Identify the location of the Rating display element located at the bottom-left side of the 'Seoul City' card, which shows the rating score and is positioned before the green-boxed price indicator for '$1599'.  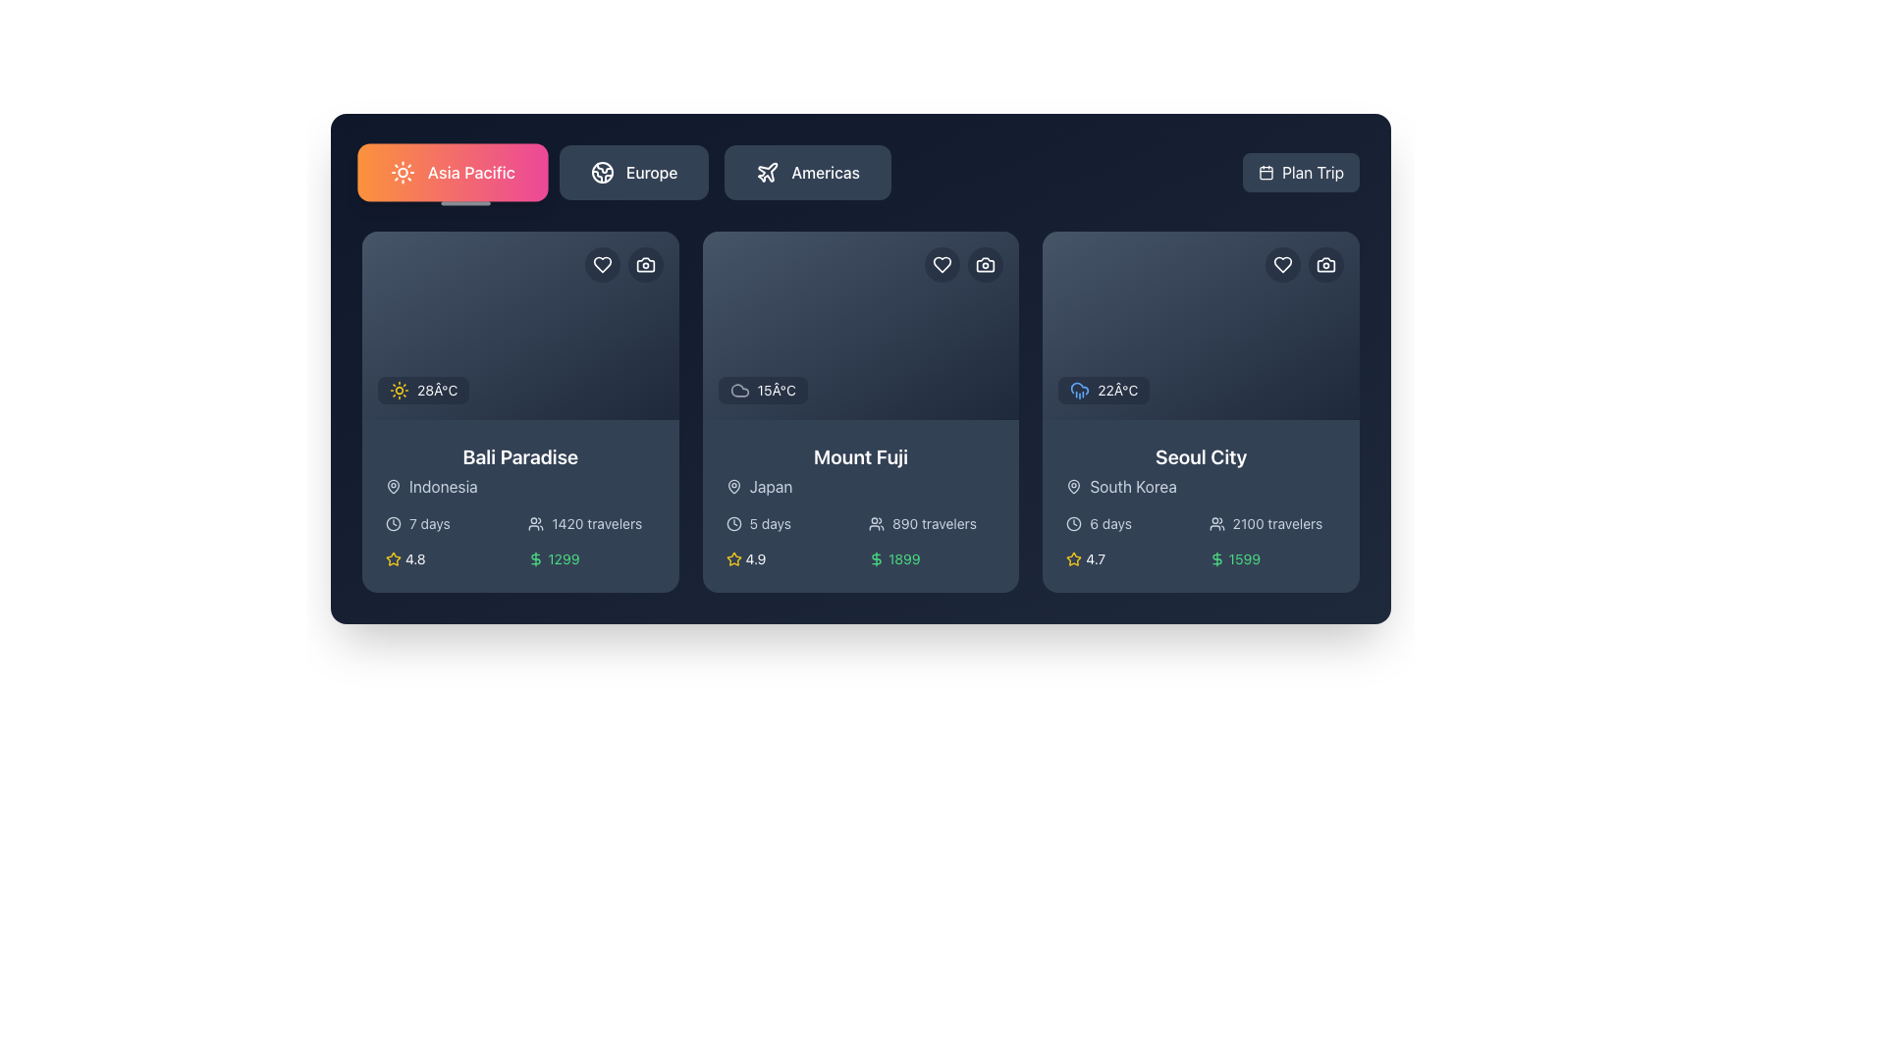
(1130, 559).